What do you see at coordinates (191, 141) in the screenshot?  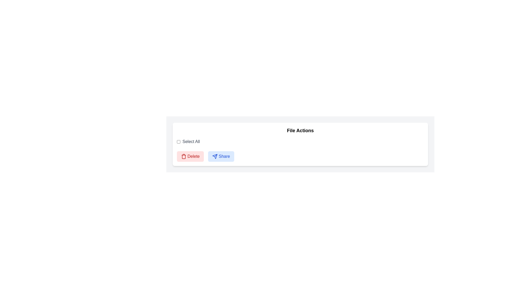 I see `the label that indicates the checkbox for selecting all relevant items, positioned to the immediate right of the checkbox in the top-left region of the card-like panel` at bounding box center [191, 141].